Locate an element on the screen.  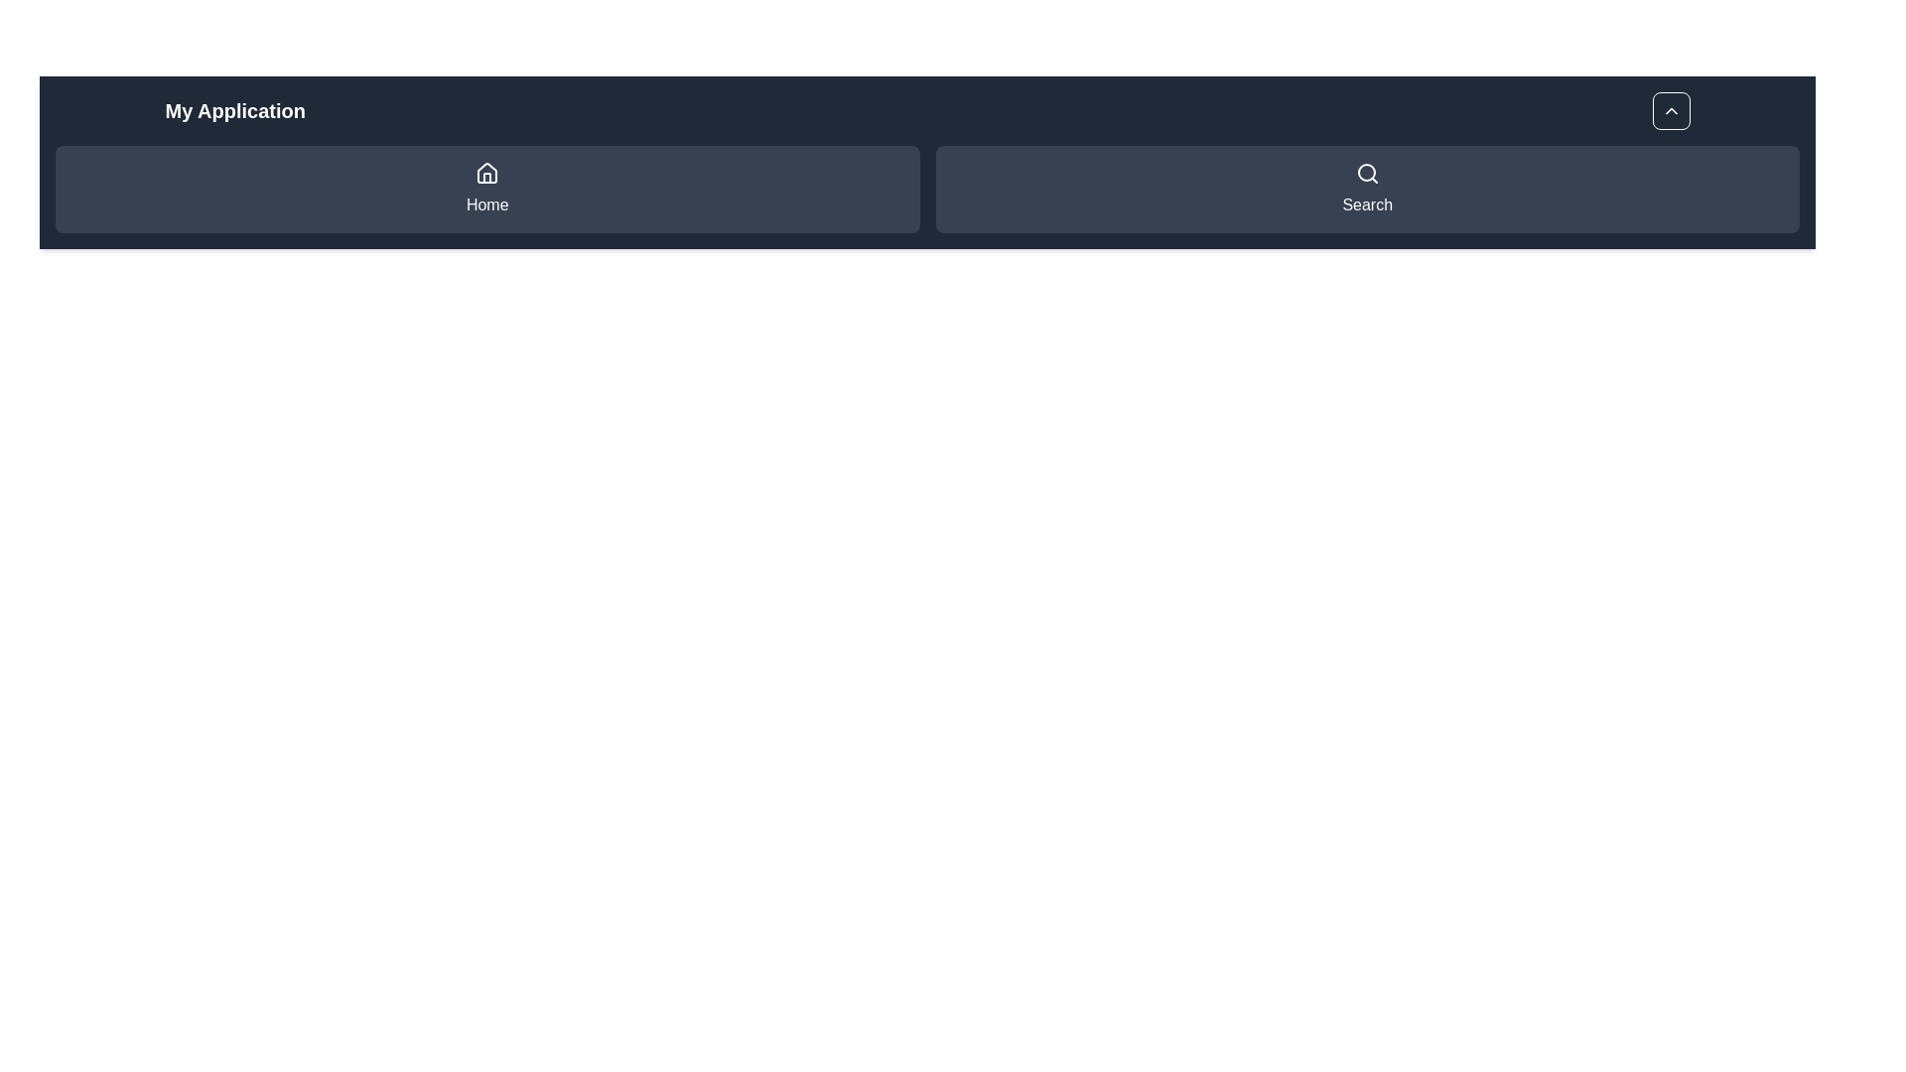
the house icon located in the 'Home' button on the navigation bar, which is styled with a minimalistic outline and positioned under the 'My Application' header is located at coordinates (487, 172).